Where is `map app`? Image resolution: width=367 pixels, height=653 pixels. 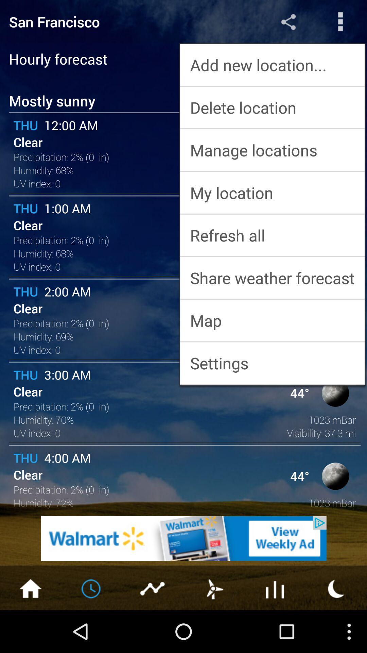
map app is located at coordinates (272, 320).